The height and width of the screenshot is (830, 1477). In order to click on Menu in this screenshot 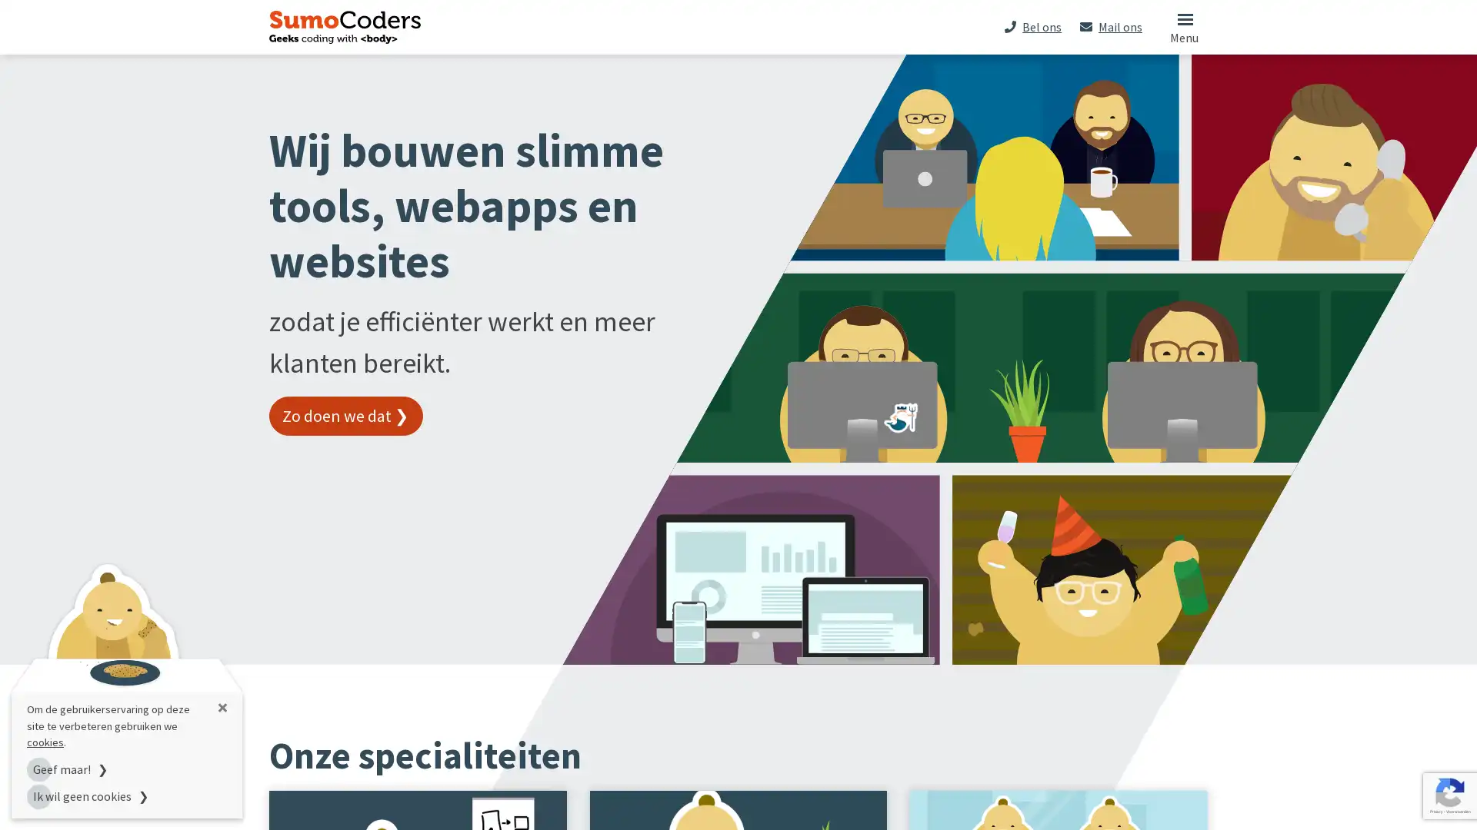, I will do `click(1183, 26)`.